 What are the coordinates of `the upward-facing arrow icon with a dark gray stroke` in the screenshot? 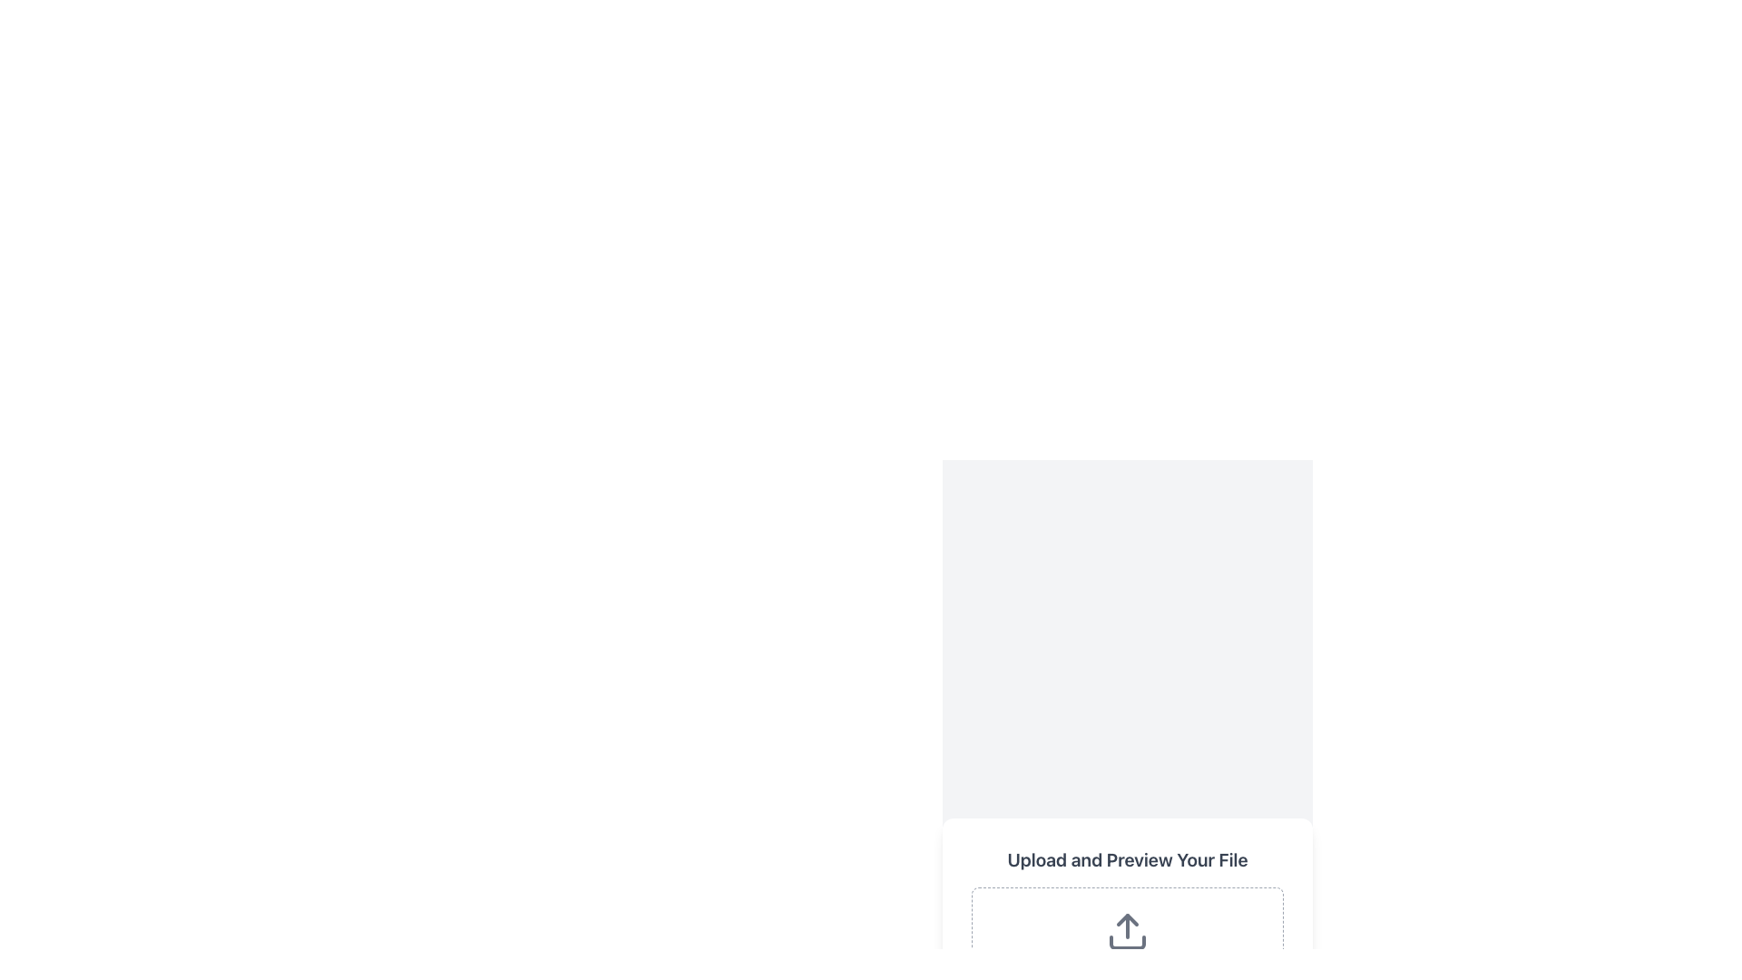 It's located at (1127, 931).